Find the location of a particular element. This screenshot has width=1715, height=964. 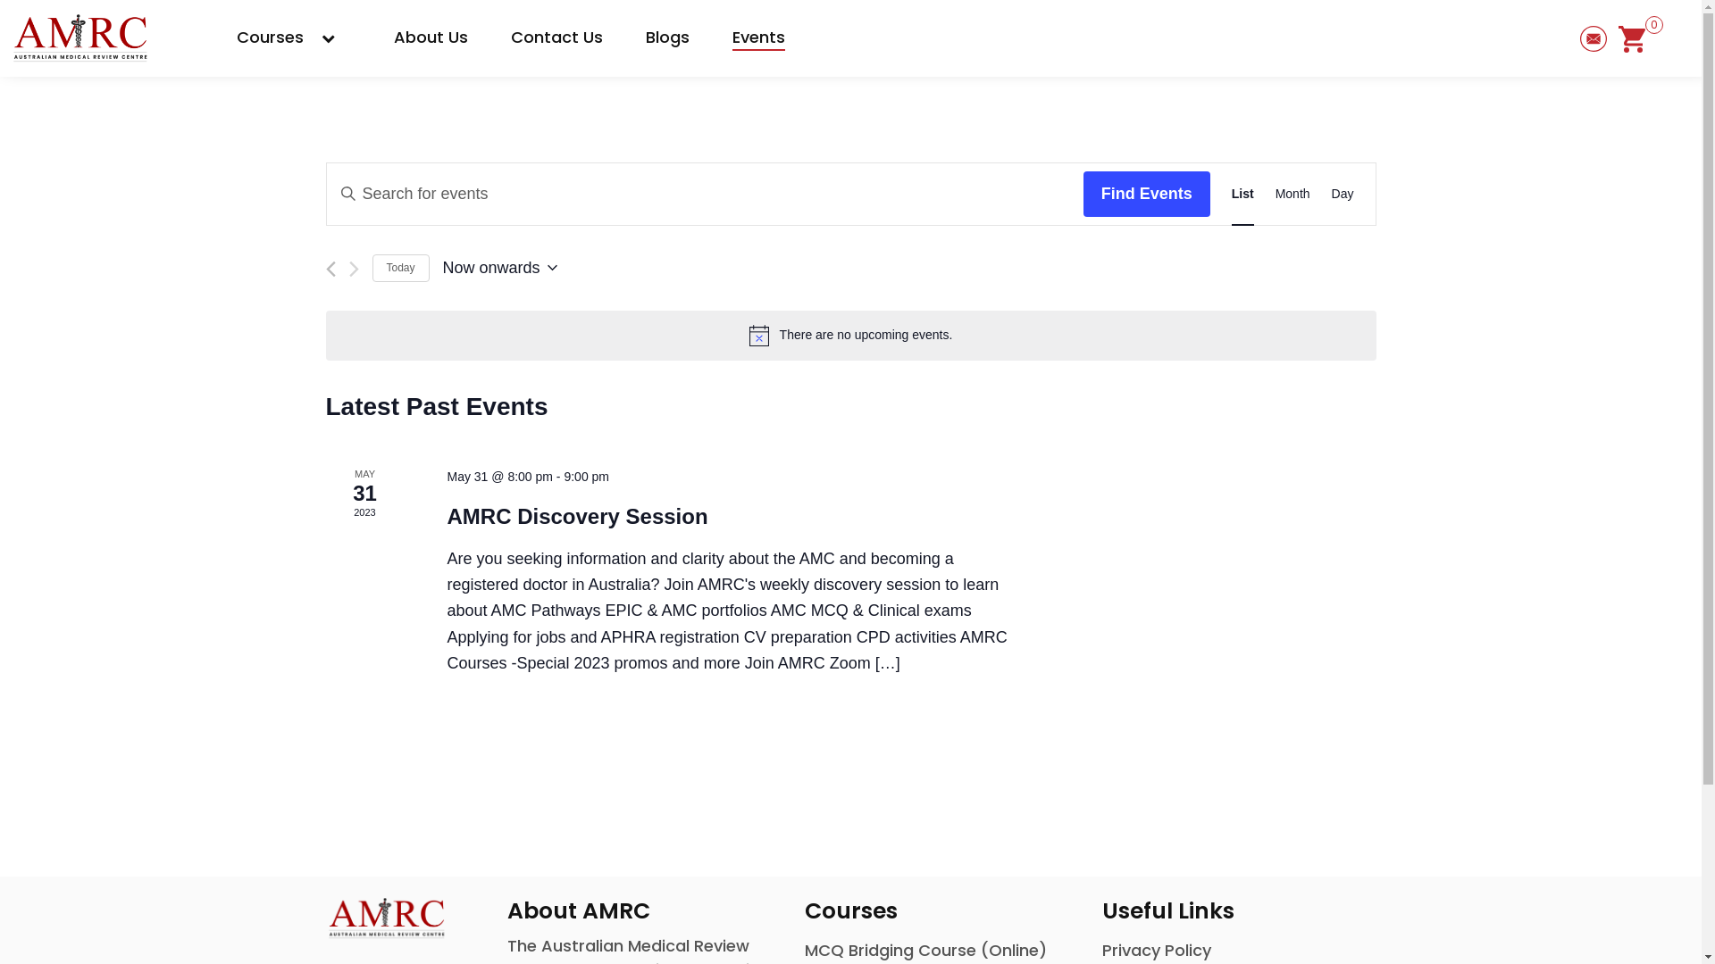

'Contact Us' is located at coordinates (556, 37).